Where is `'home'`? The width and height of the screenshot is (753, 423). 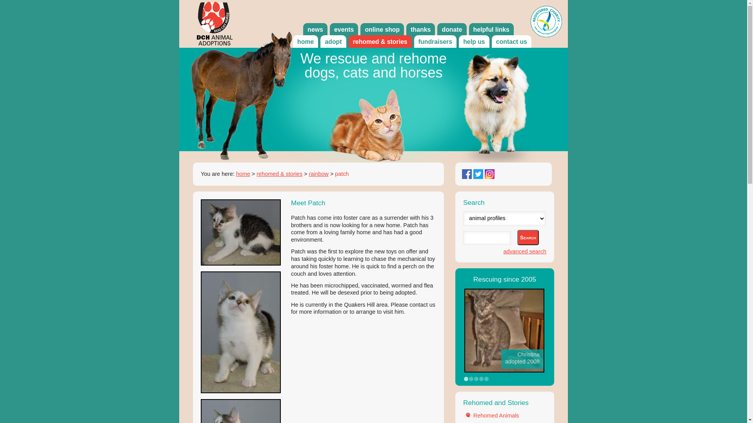
'home' is located at coordinates (305, 42).